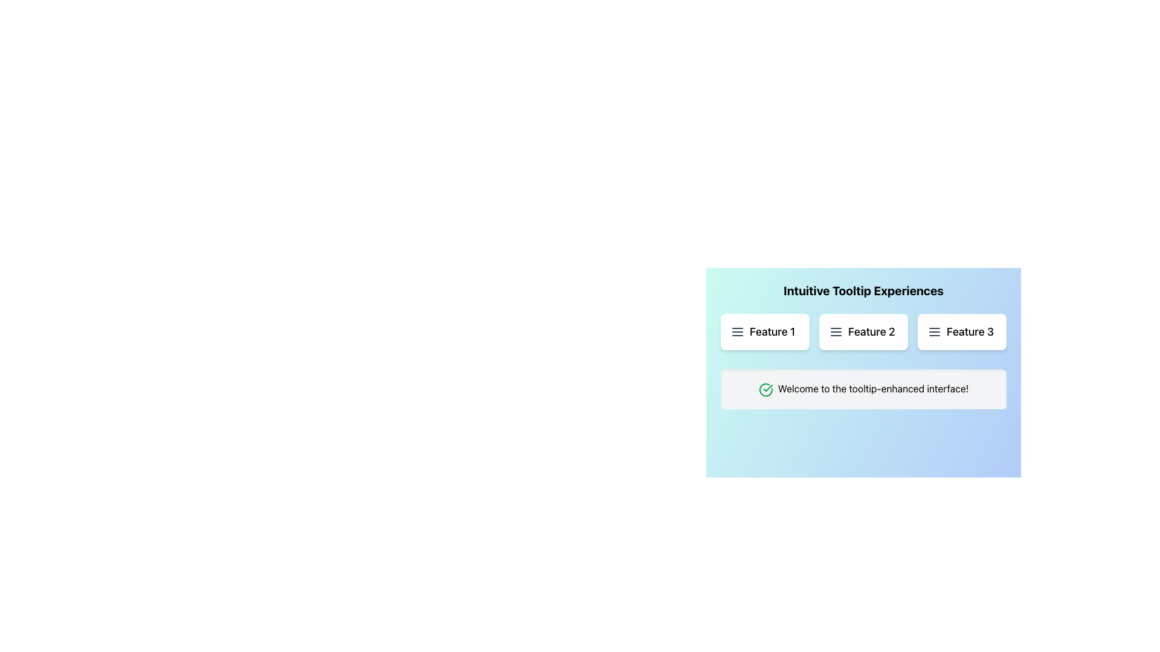 The image size is (1160, 652). I want to click on the tile from the grid containing feature tiles below the heading 'Intuitive Tooltip Experiences', so click(863, 332).